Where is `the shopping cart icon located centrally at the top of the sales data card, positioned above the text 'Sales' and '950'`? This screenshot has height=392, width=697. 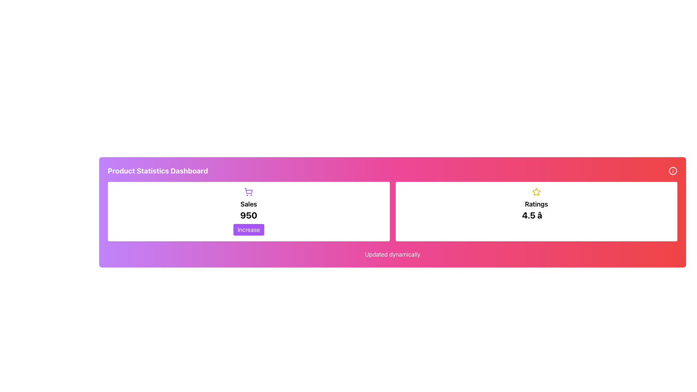
the shopping cart icon located centrally at the top of the sales data card, positioned above the text 'Sales' and '950' is located at coordinates (249, 191).